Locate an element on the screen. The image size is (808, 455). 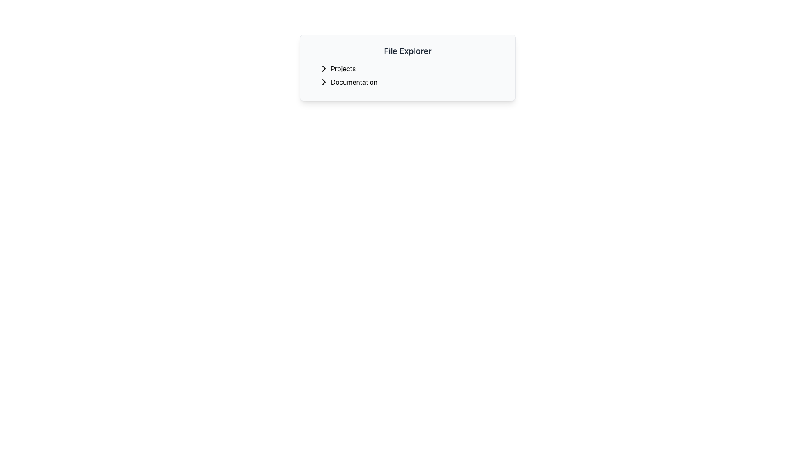
the 'Documentation' text label displayed in black font within the light gray 'File Explorer' panel is located at coordinates (354, 82).